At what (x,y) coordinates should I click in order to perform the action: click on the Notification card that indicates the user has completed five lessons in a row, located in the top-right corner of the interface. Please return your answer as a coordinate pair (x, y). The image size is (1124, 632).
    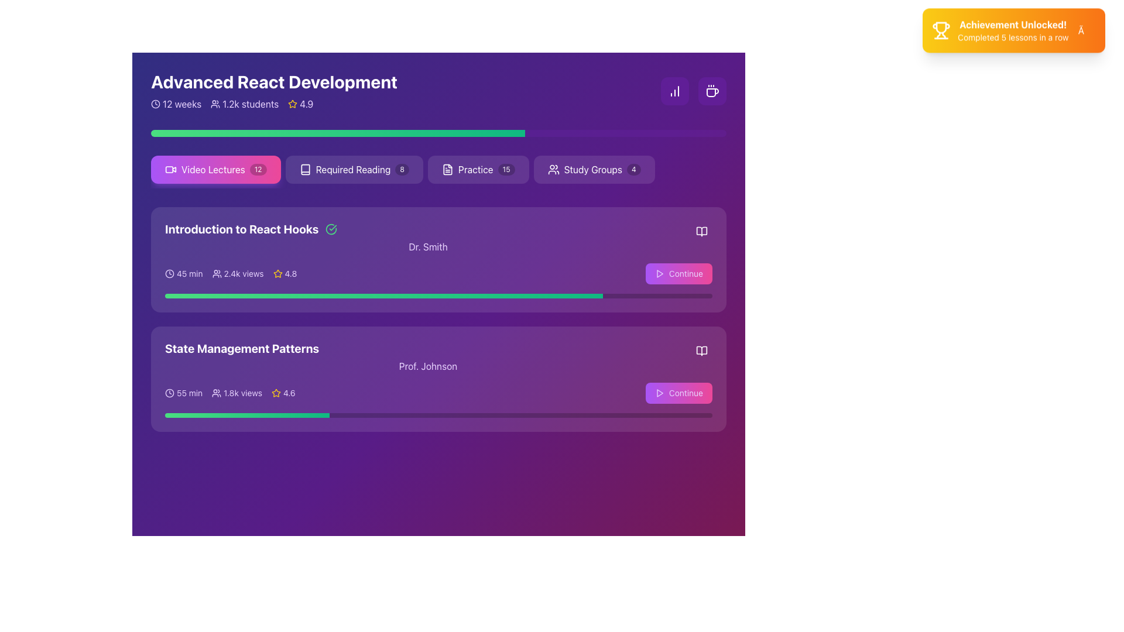
    Looking at the image, I should click on (1013, 35).